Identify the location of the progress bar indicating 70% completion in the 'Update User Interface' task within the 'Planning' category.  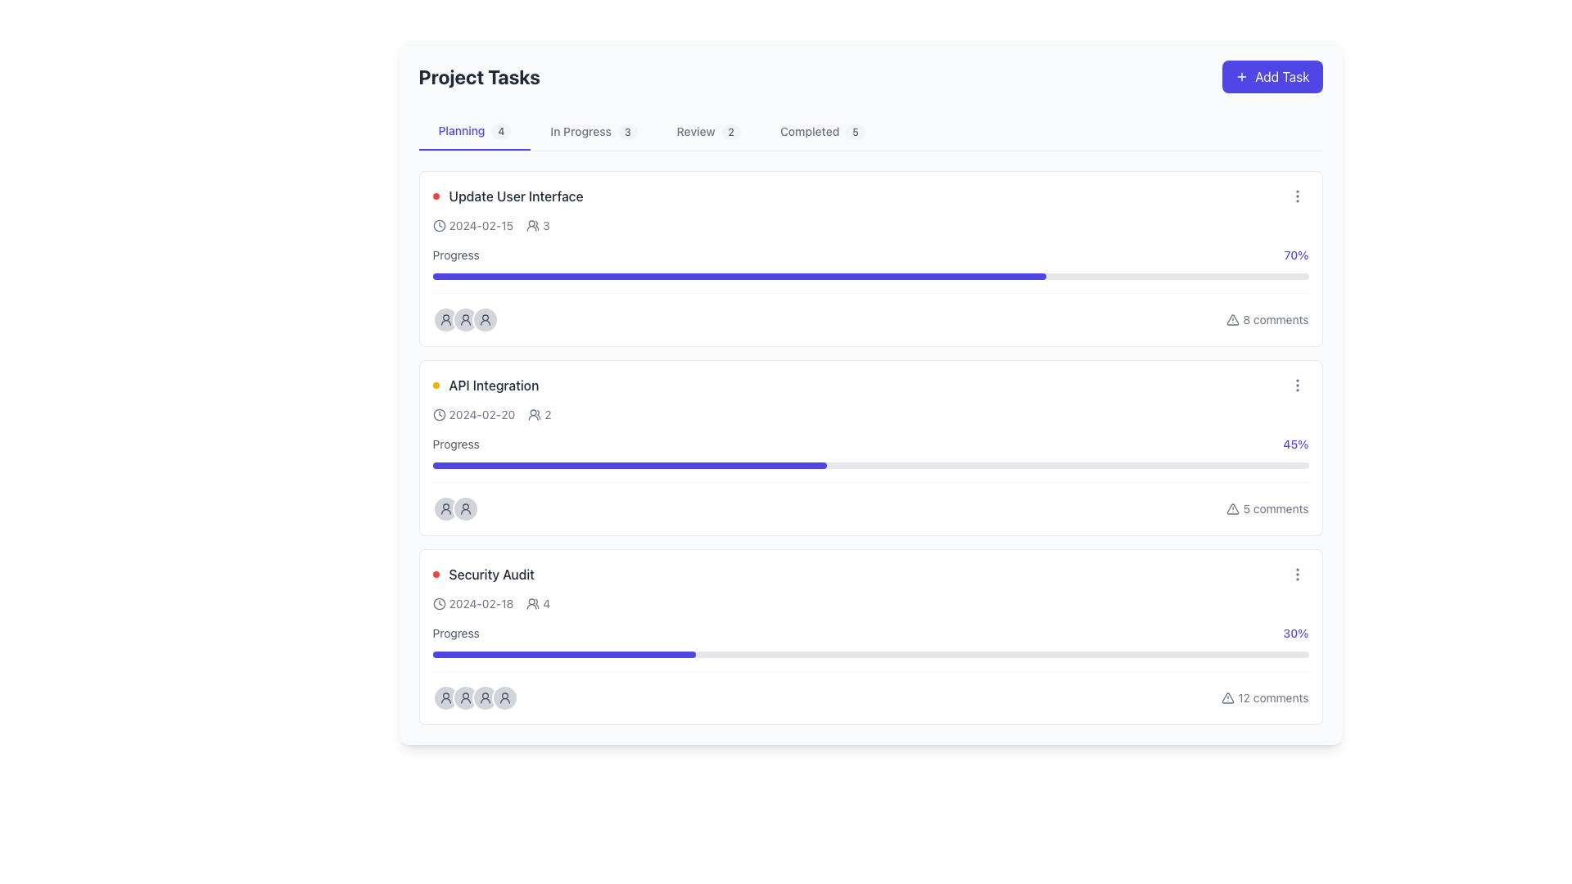
(738, 276).